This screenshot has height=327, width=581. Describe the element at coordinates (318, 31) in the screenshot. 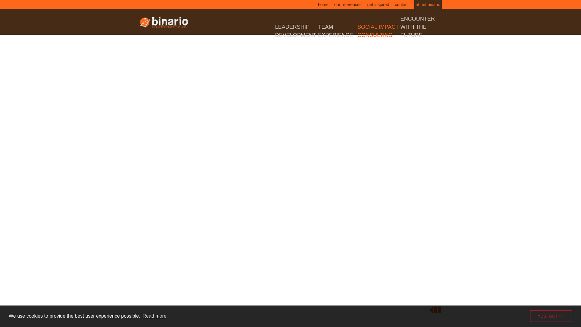

I see `'TEAM EXPERIENCE'` at that location.